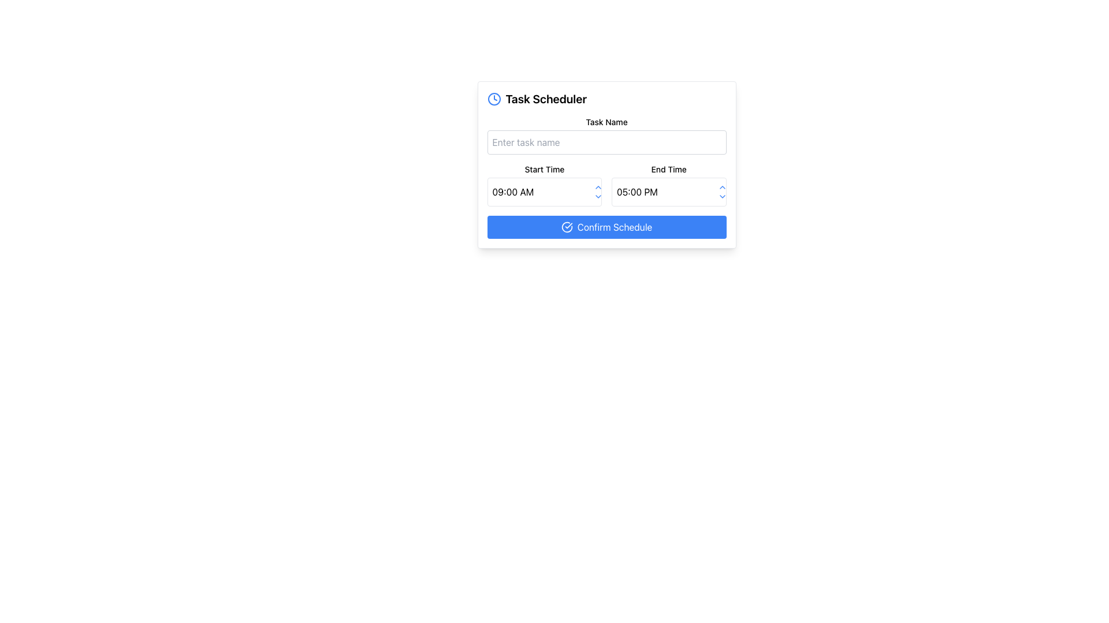 The image size is (1109, 623). Describe the element at coordinates (494, 99) in the screenshot. I see `the circular blue outlined element that is part of the clock icon located at the top left side of the modal interface` at that location.